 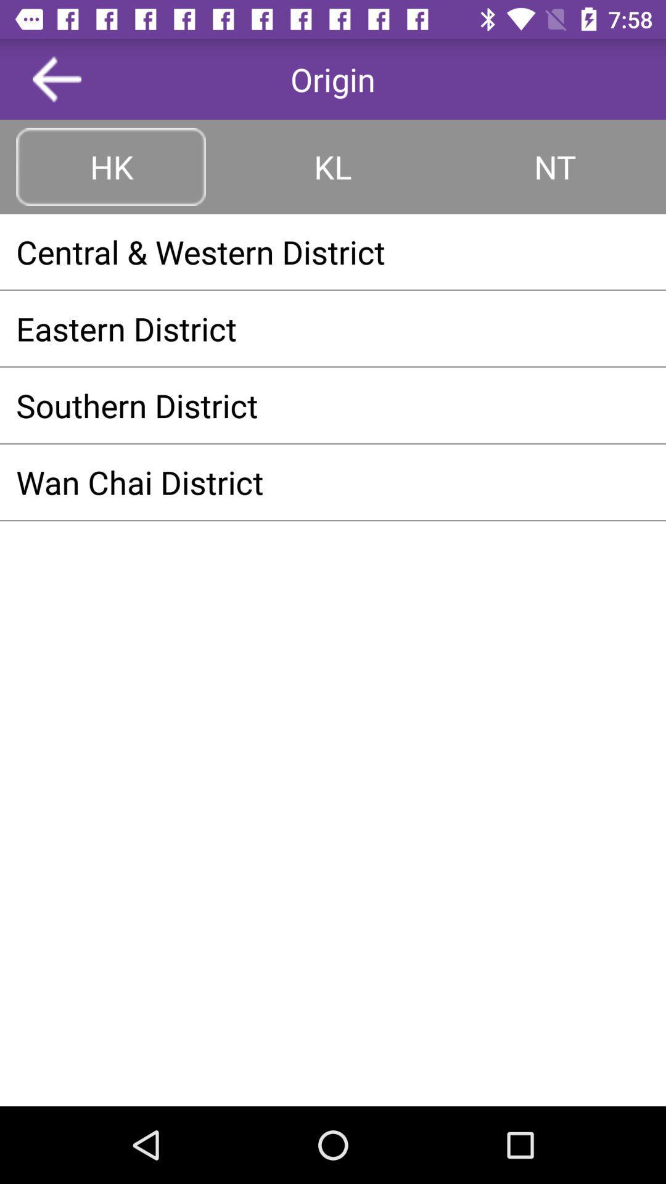 I want to click on the icon below hk item, so click(x=333, y=251).